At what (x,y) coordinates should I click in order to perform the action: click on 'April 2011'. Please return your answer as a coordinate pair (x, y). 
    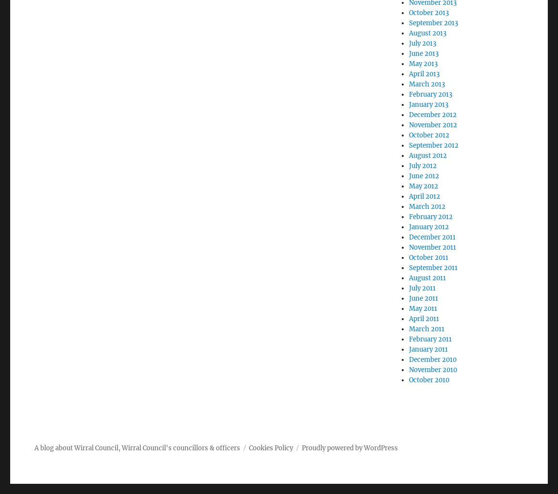
    Looking at the image, I should click on (424, 319).